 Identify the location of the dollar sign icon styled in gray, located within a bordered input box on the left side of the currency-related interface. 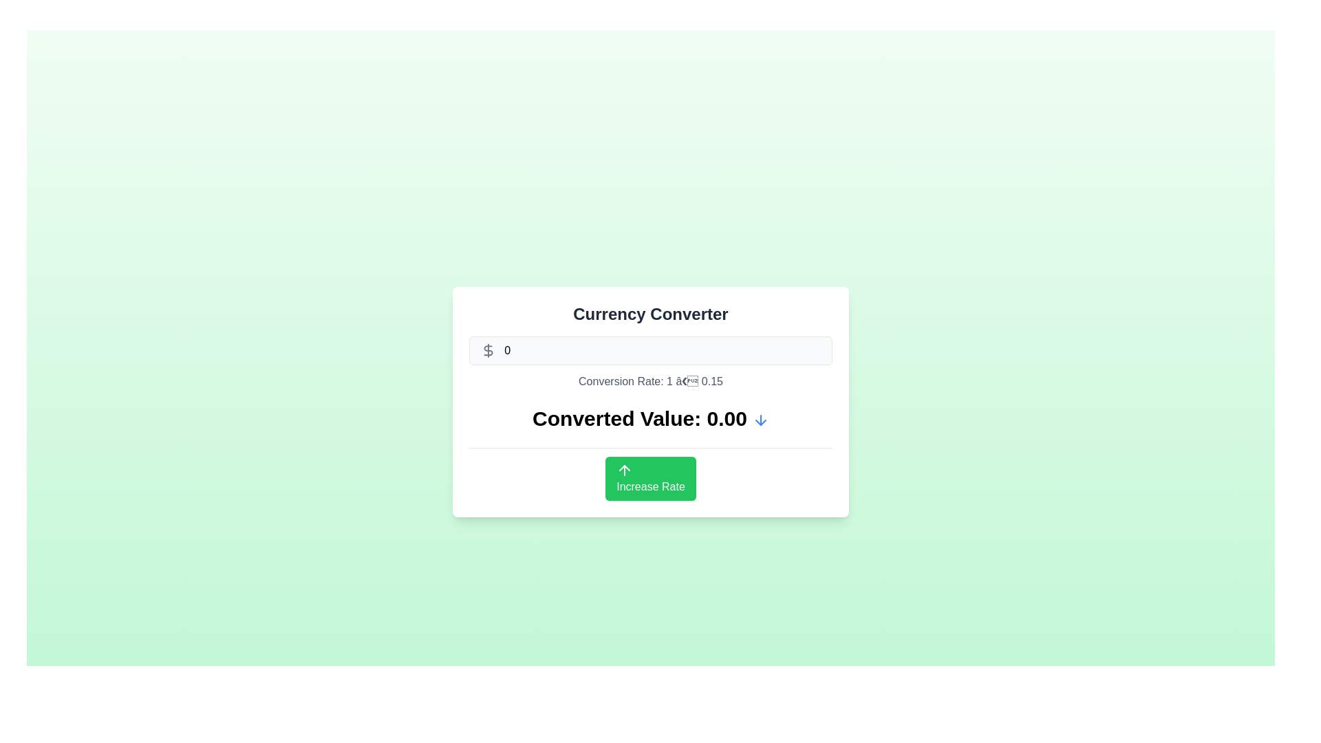
(488, 349).